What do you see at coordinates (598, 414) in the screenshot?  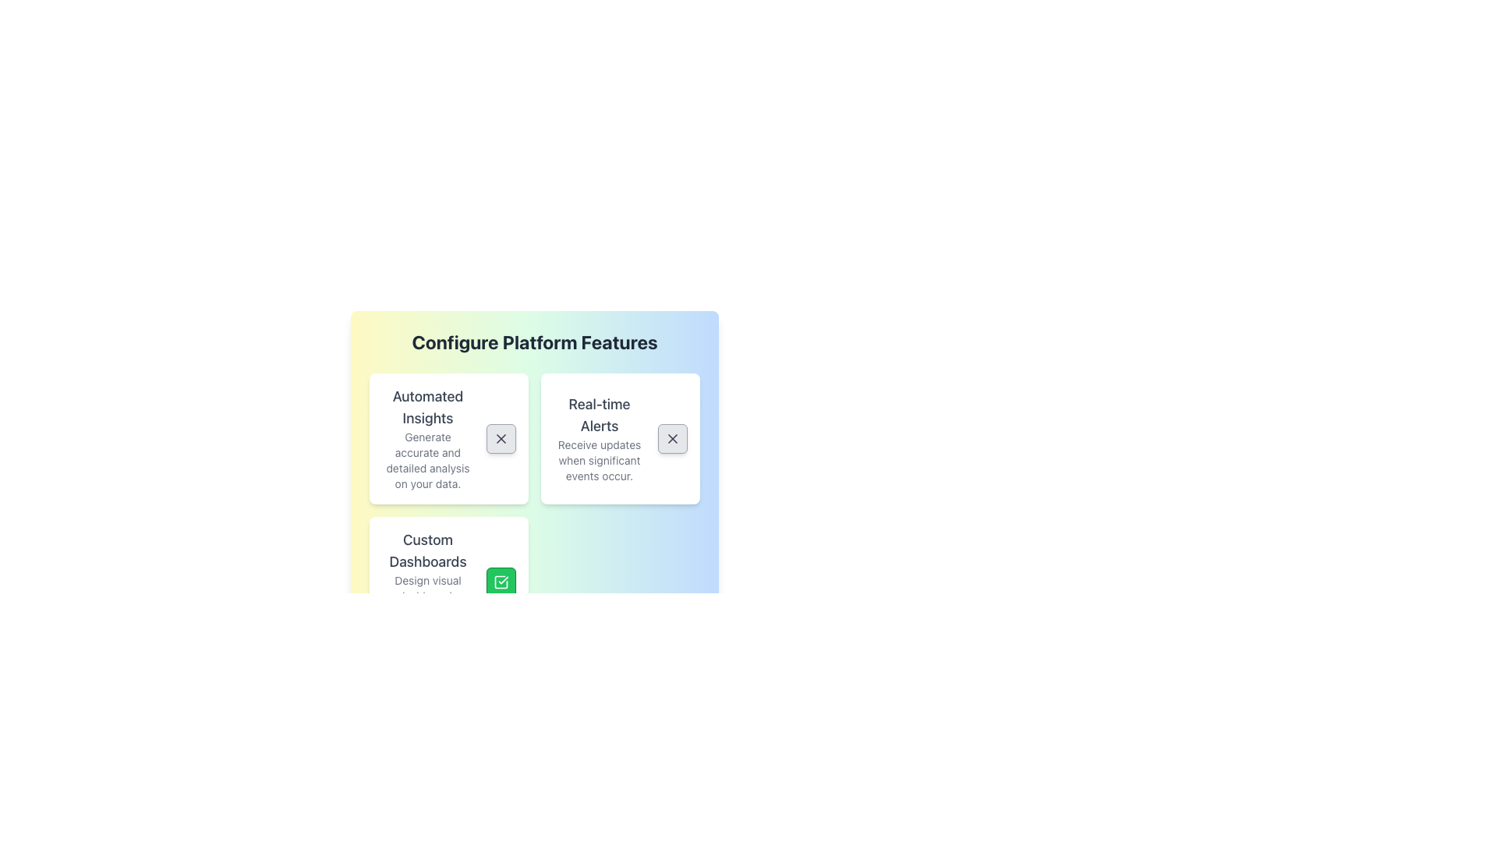 I see `the bold-text label reading 'Real-time Alerts' located at the top of its card component in the grid layout` at bounding box center [598, 414].